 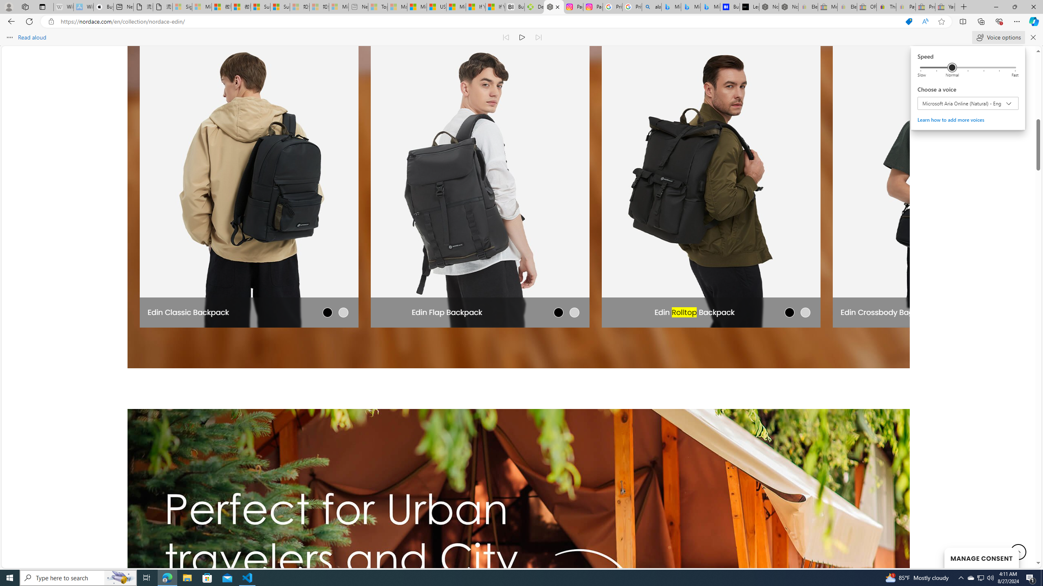 I want to click on 'Microsoft Bing Travel - Shangri-La Hotel Bangkok', so click(x=710, y=7).